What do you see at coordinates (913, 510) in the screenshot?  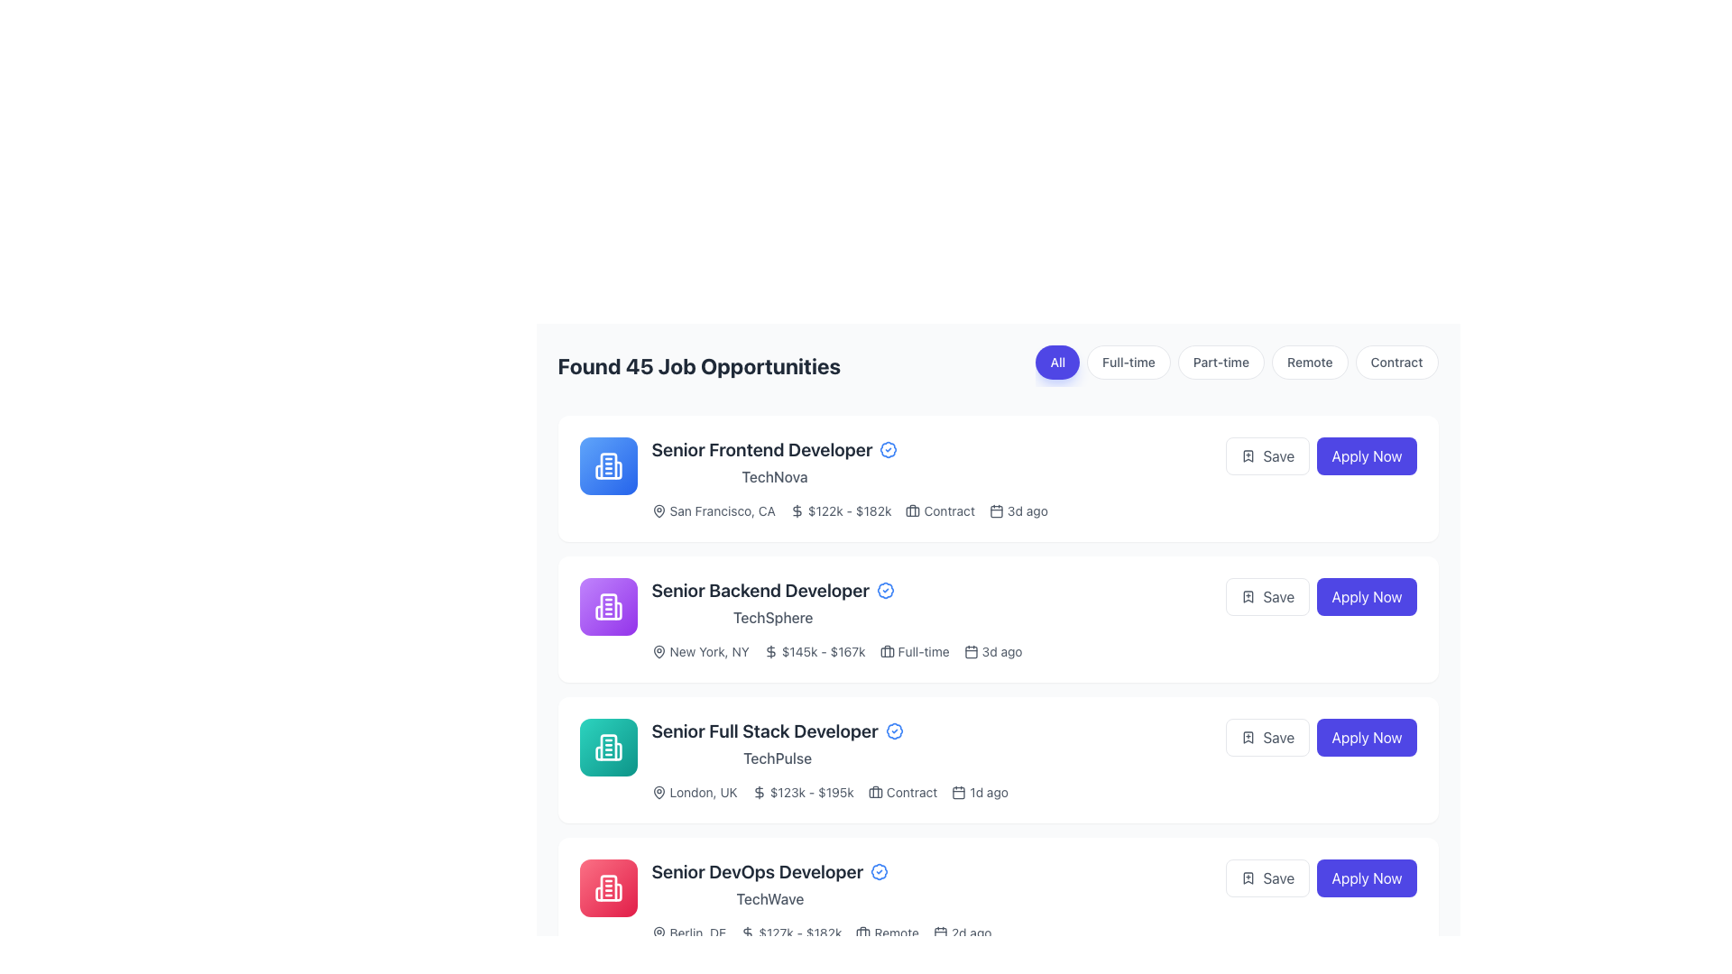 I see `the left vertical bar of the briefcase icon, which is part of an SVG representation indicating job listings` at bounding box center [913, 510].